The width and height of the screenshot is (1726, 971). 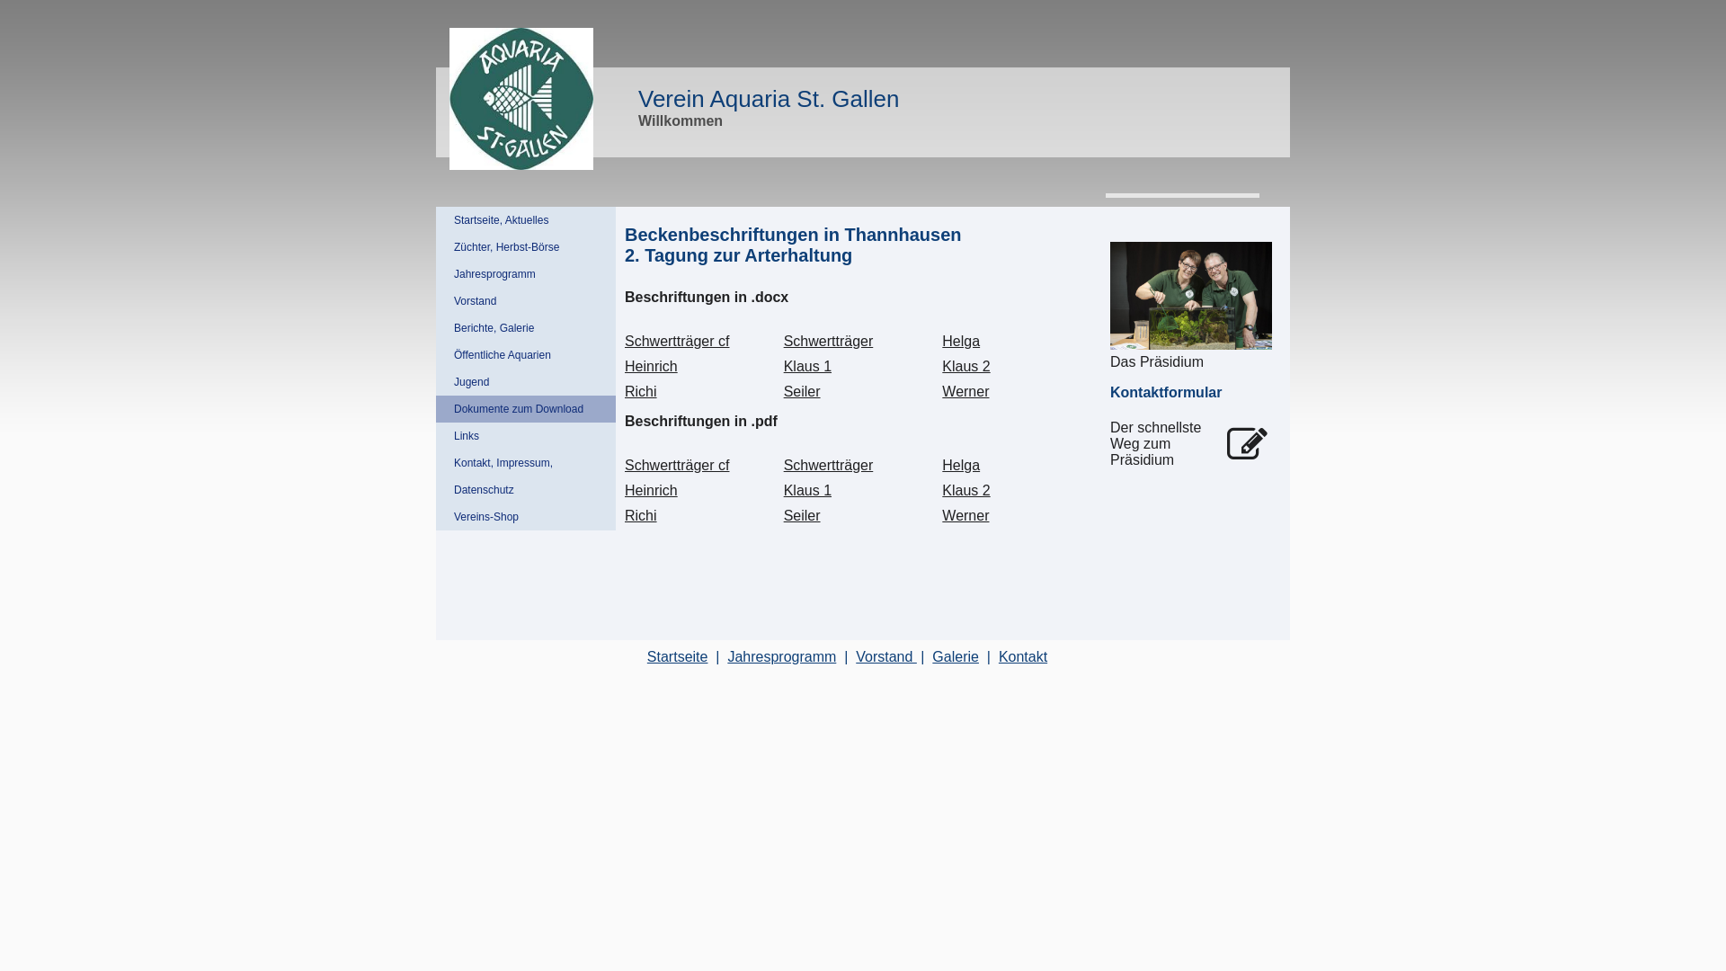 What do you see at coordinates (965, 490) in the screenshot?
I see `'Klaus 2'` at bounding box center [965, 490].